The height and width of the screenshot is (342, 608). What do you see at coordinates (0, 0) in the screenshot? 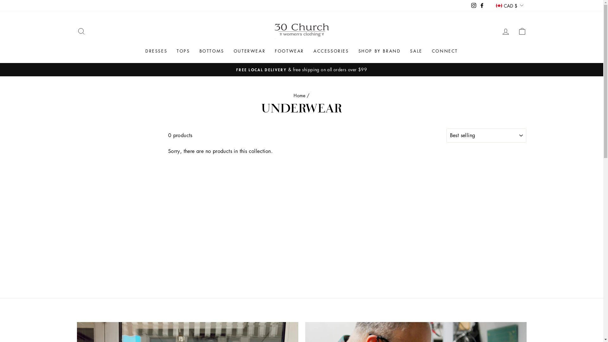
I see `'Skip to content'` at bounding box center [0, 0].